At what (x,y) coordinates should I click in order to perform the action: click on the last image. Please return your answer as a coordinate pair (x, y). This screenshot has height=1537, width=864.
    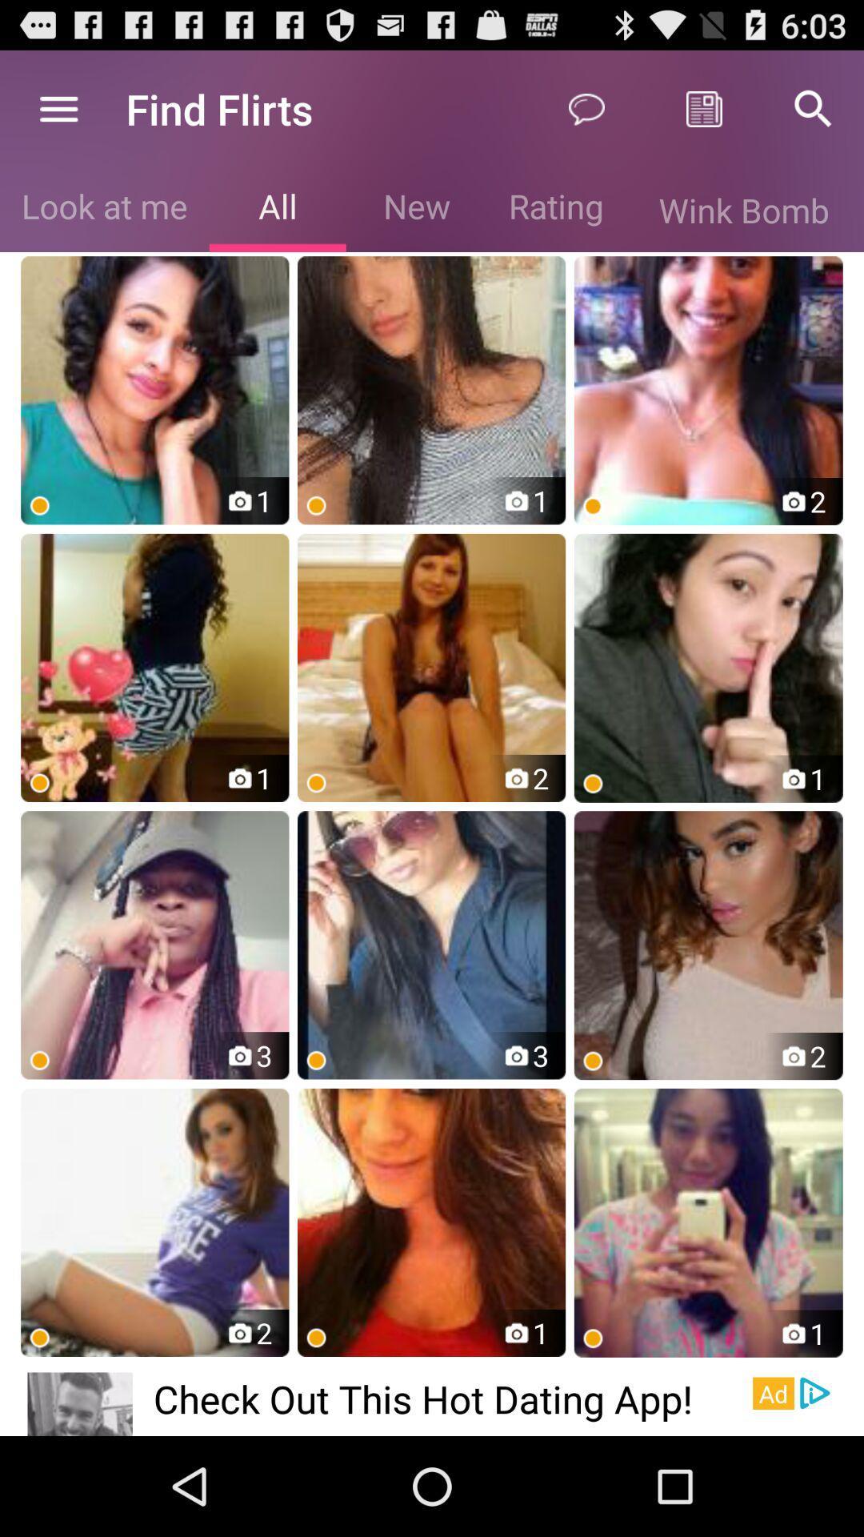
    Looking at the image, I should click on (708, 1222).